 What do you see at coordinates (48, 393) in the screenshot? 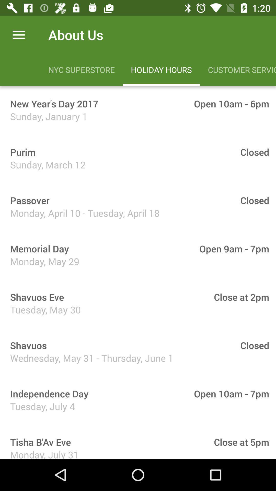
I see `the icon above tuesday, july 4 icon` at bounding box center [48, 393].